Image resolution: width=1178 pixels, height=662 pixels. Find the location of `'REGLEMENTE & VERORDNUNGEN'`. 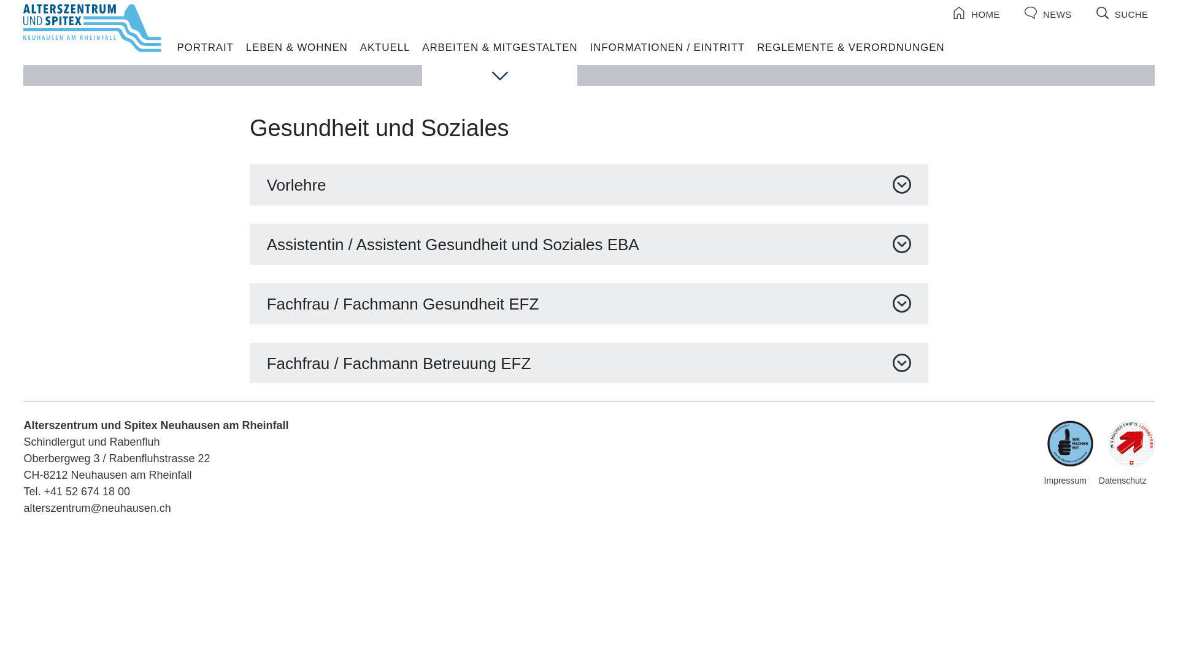

'REGLEMENTE & VERORDNUNGEN' is located at coordinates (850, 47).